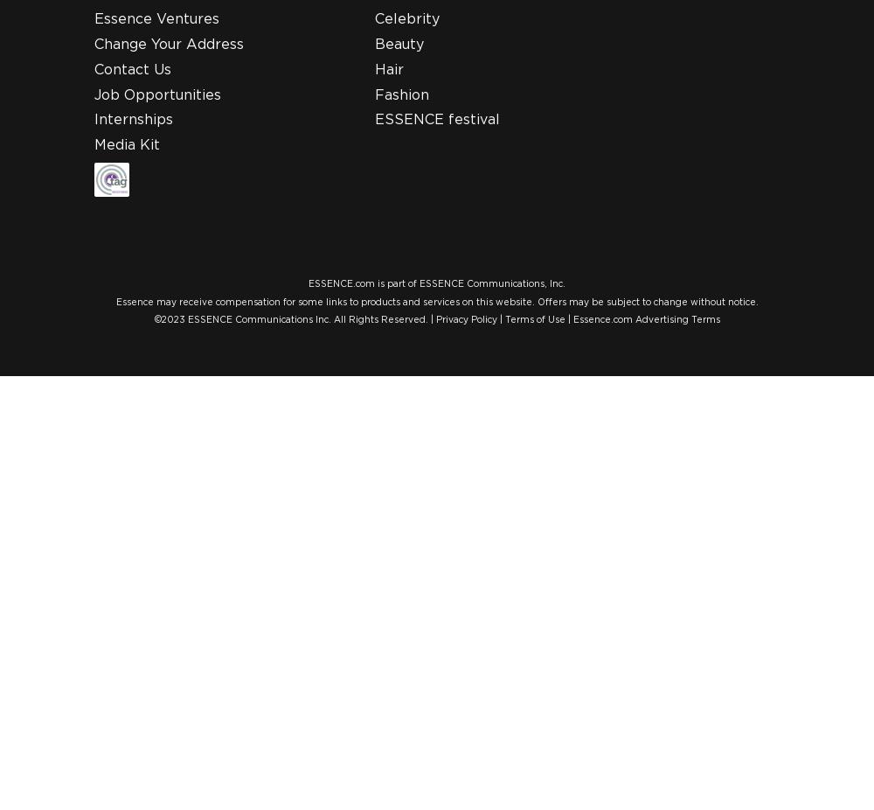 The width and height of the screenshot is (874, 810). What do you see at coordinates (156, 18) in the screenshot?
I see `'Essence Ventures'` at bounding box center [156, 18].